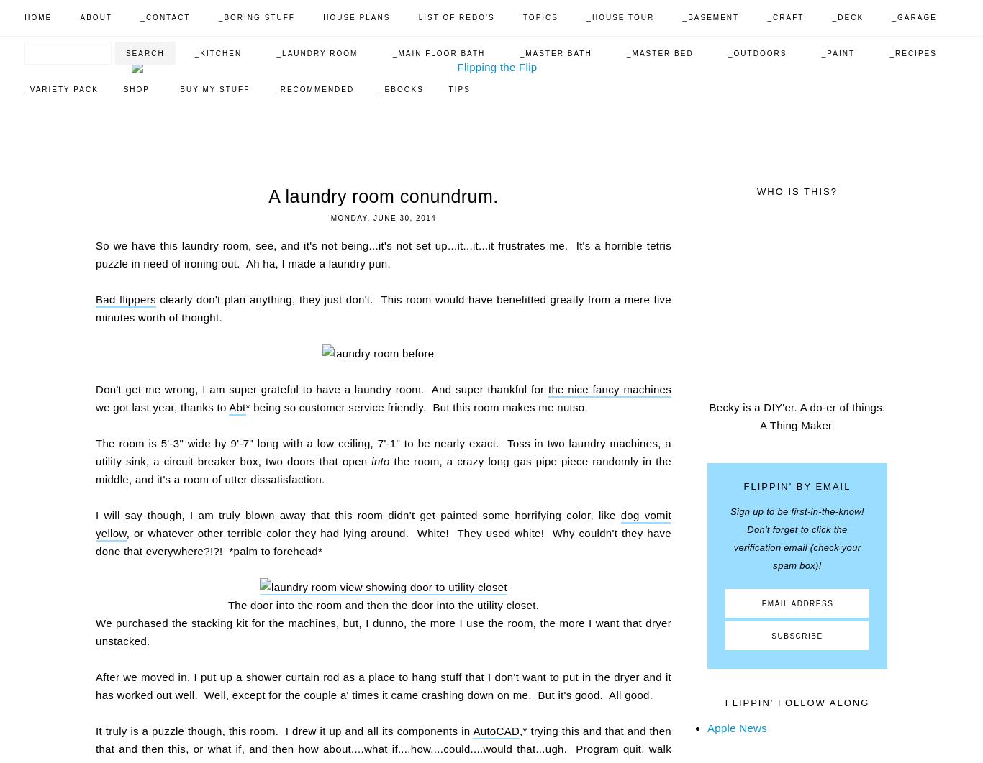 Image resolution: width=983 pixels, height=763 pixels. Describe the element at coordinates (384, 632) in the screenshot. I see `'We purchased the stacking kit for the machines, but, I dunno, the more I use the room, the more I want that dryer unstacked.'` at that location.